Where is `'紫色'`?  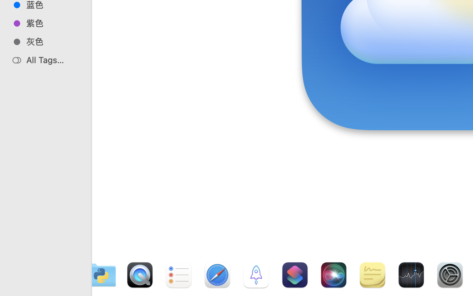
'紫色' is located at coordinates (52, 23).